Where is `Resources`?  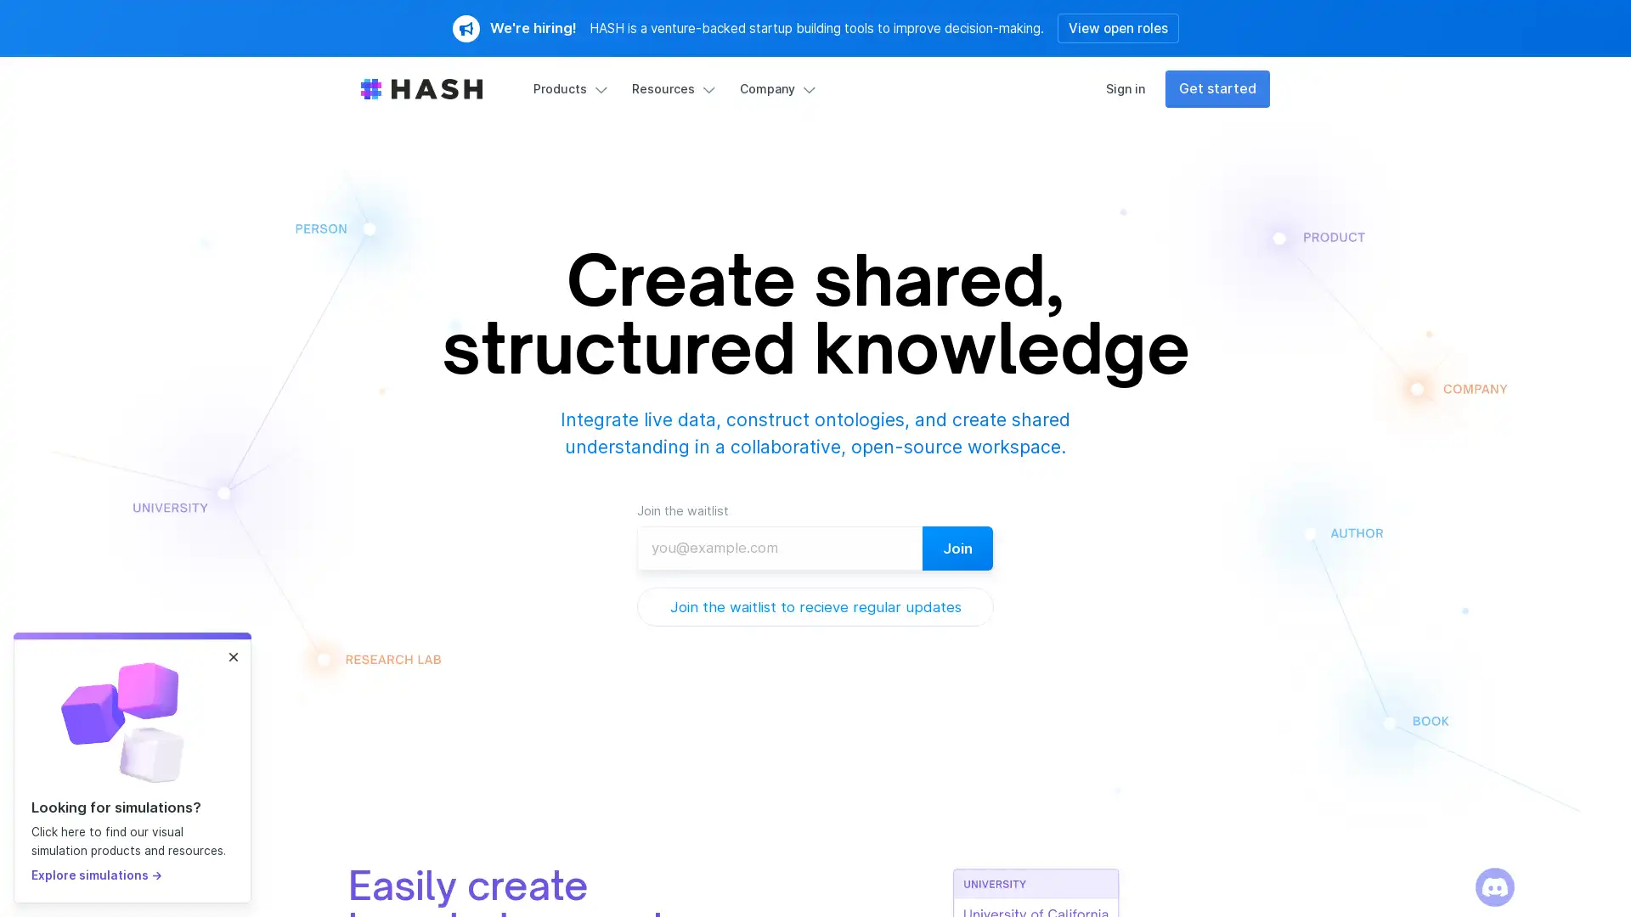 Resources is located at coordinates (670, 88).